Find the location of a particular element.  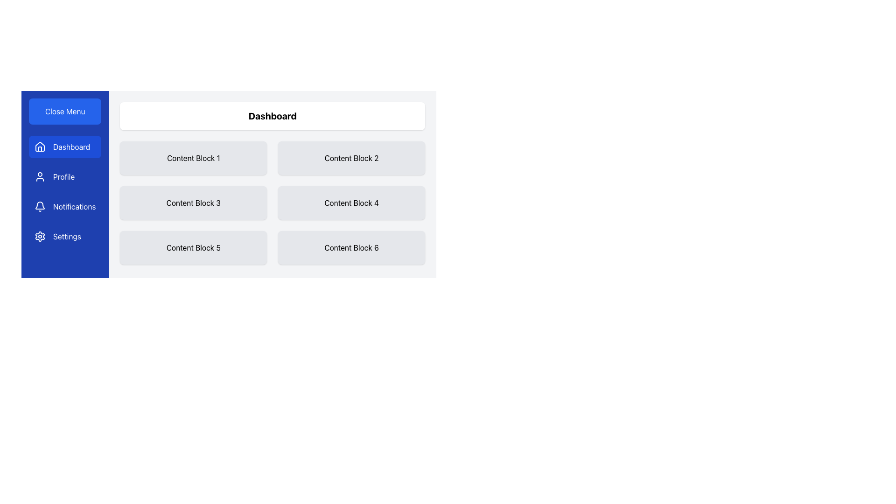

the non-interactive Content Block 1, which is located at the top left of the 2-column grid layout under the heading 'Dashboard' is located at coordinates (193, 158).